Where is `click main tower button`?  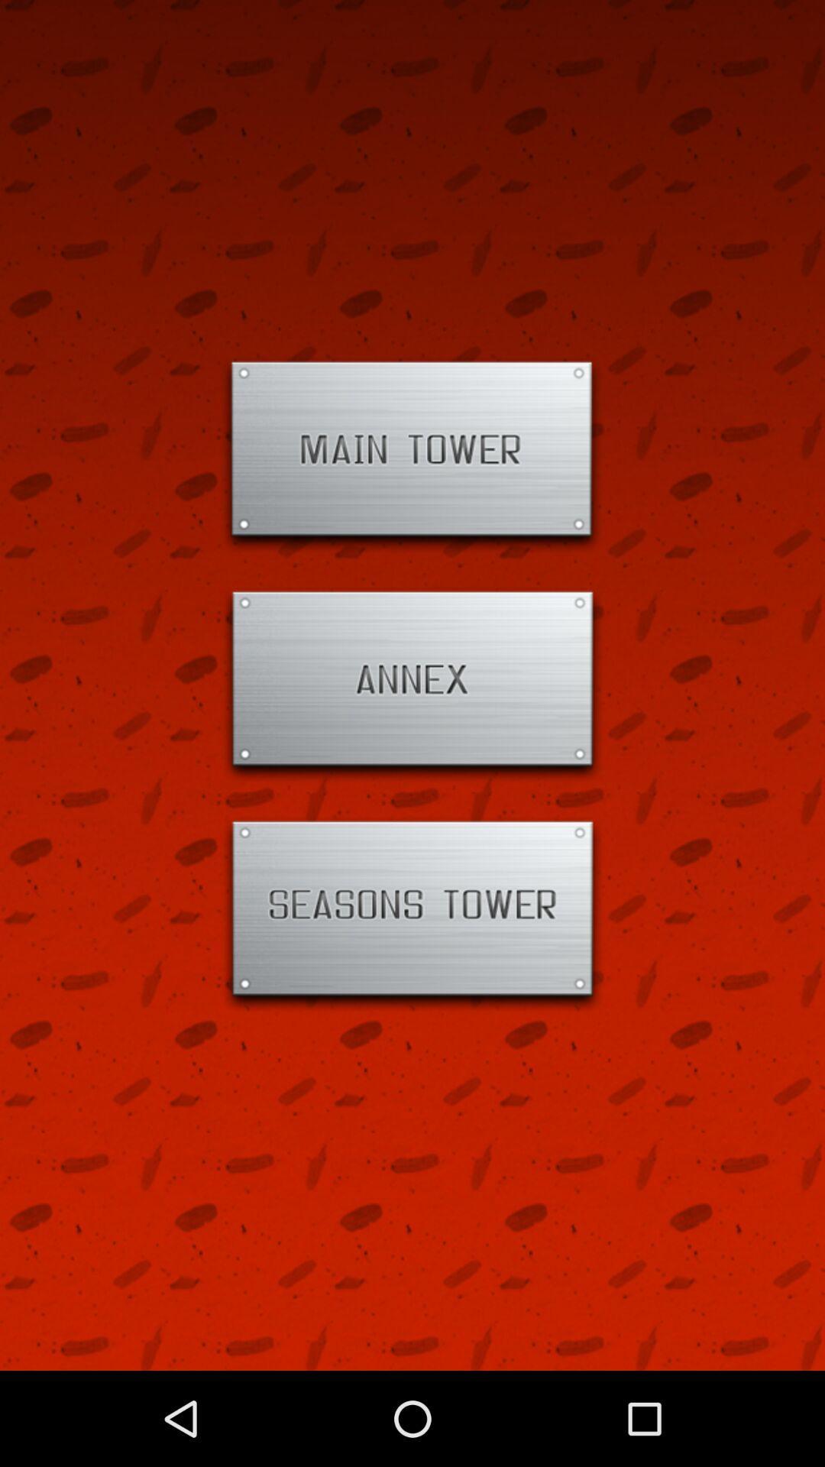 click main tower button is located at coordinates (412, 455).